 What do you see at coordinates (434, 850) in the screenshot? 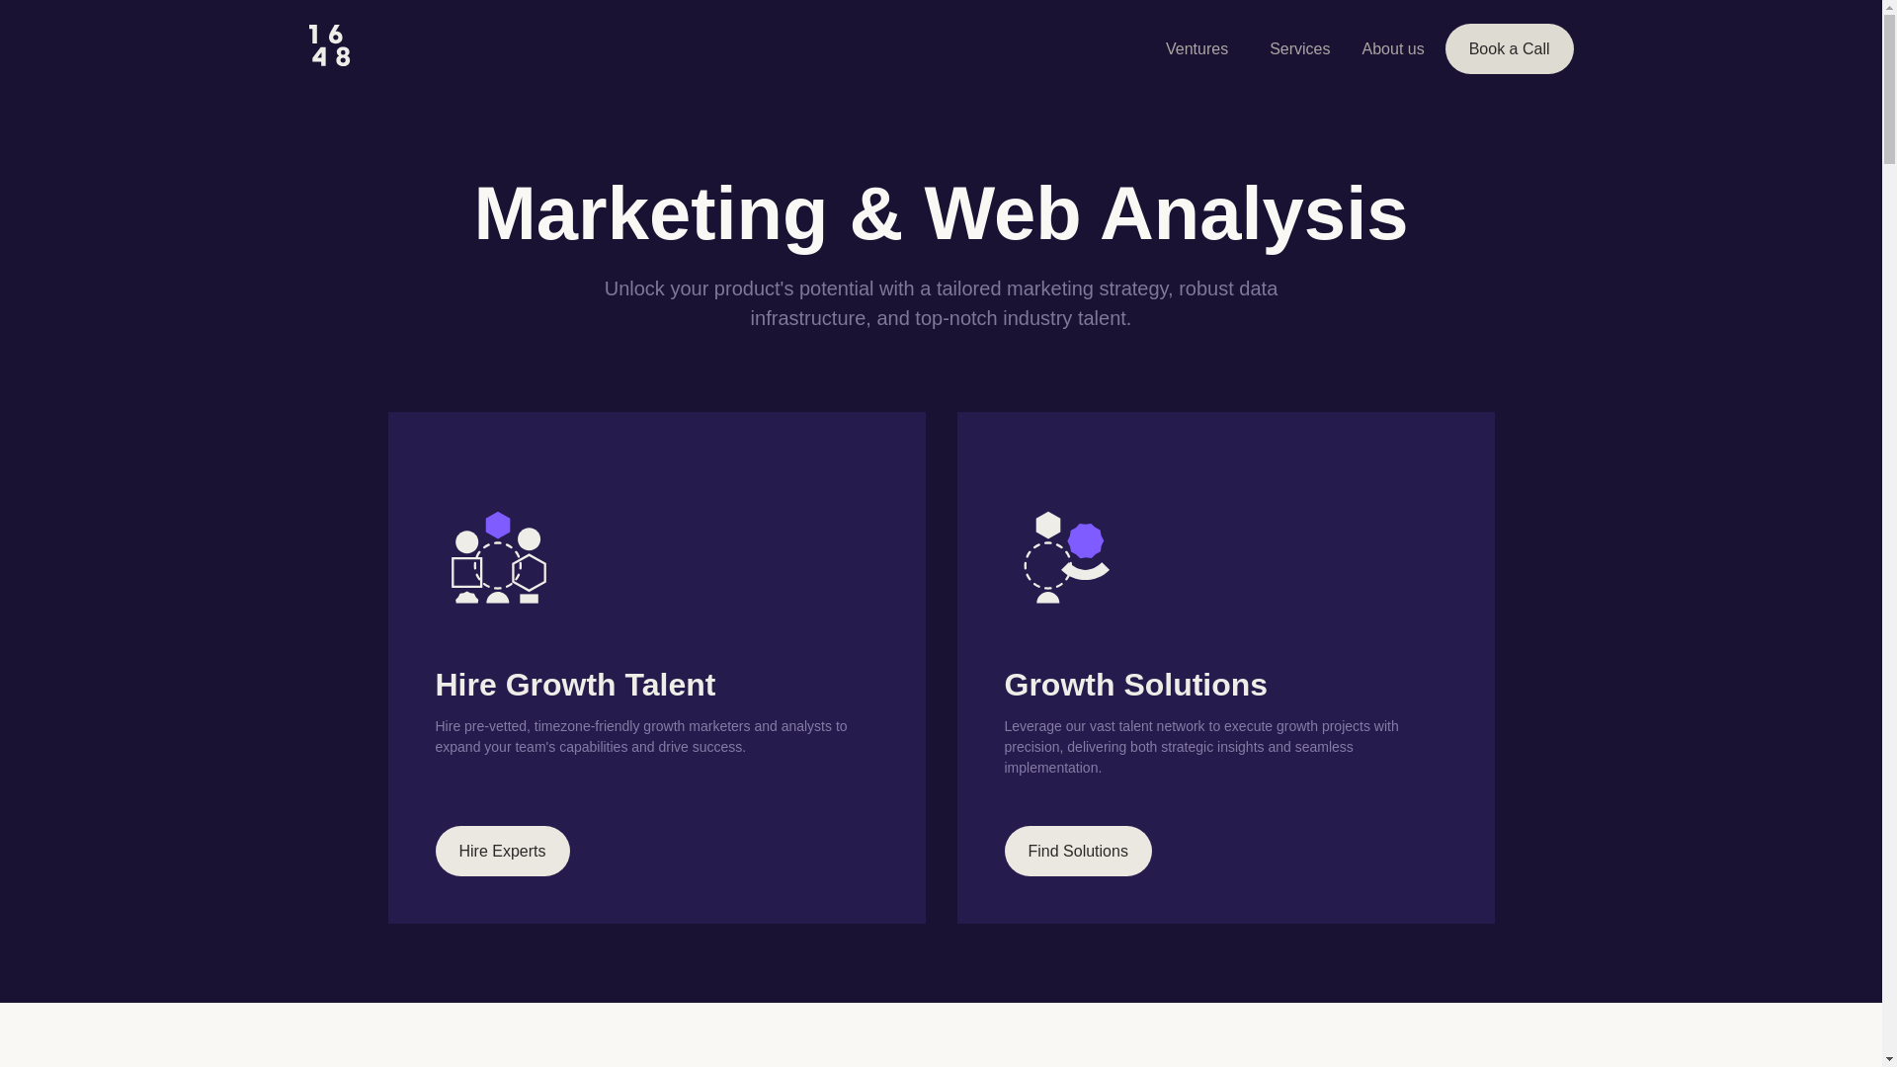
I see `'Hire Experts'` at bounding box center [434, 850].